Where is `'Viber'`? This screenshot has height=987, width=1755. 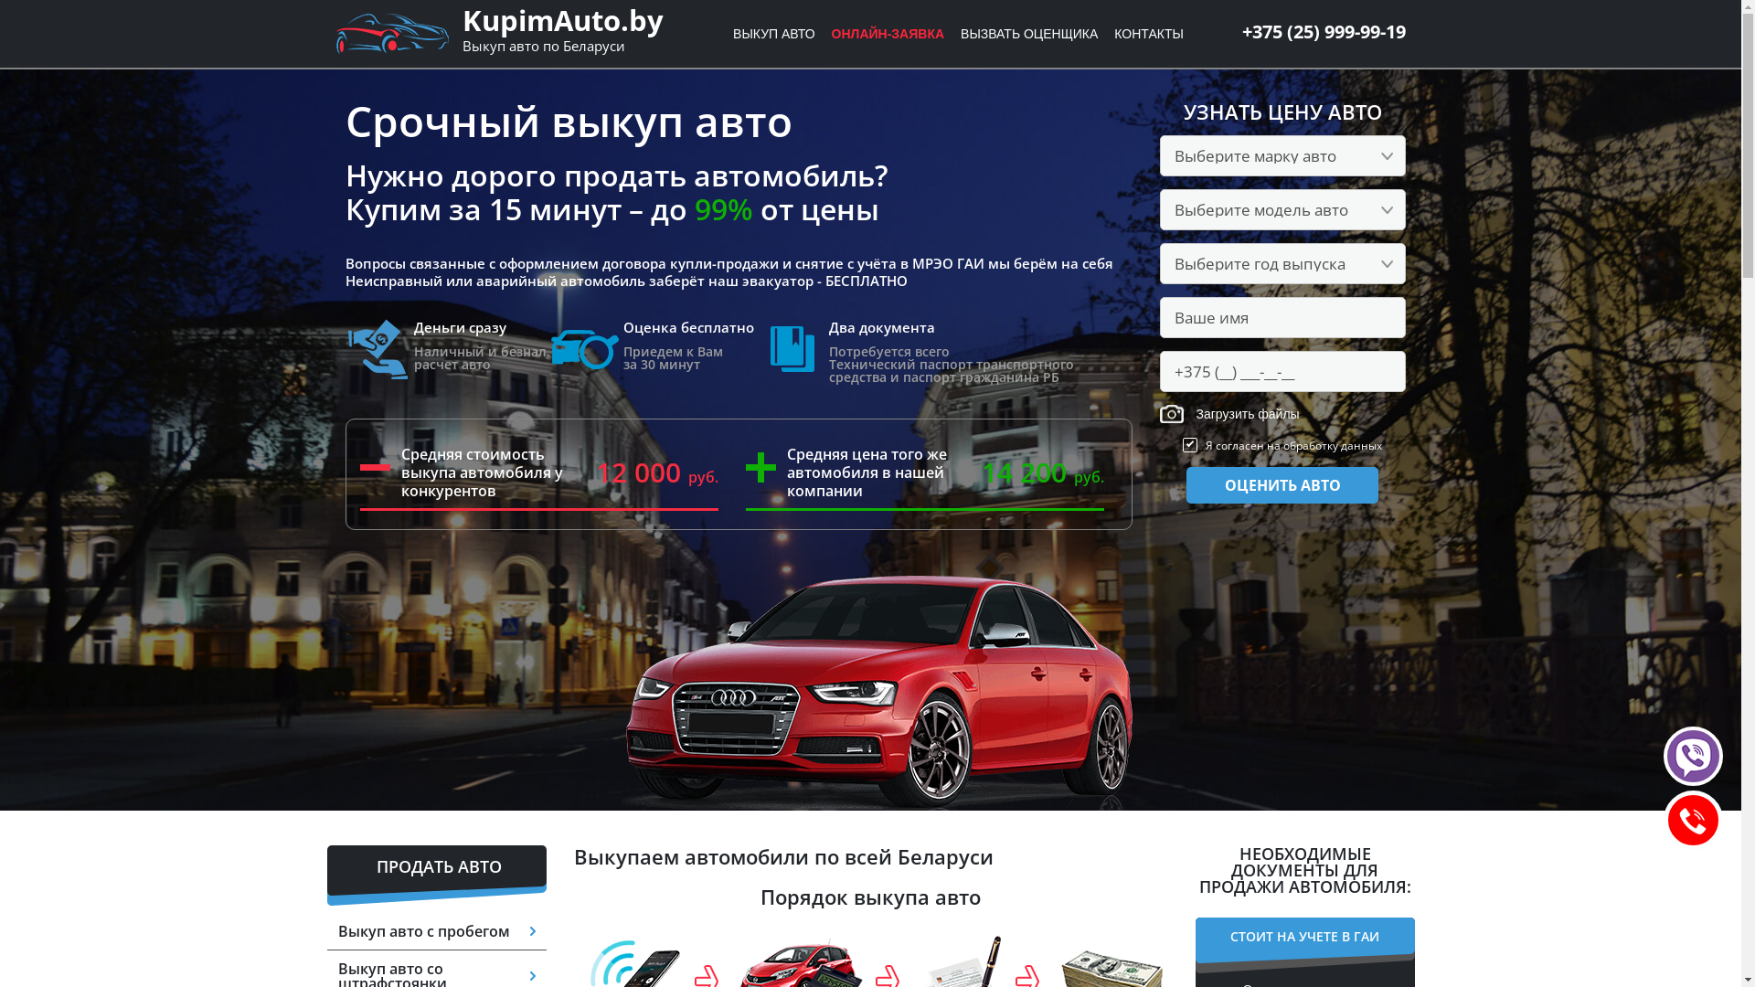 'Viber' is located at coordinates (1692, 756).